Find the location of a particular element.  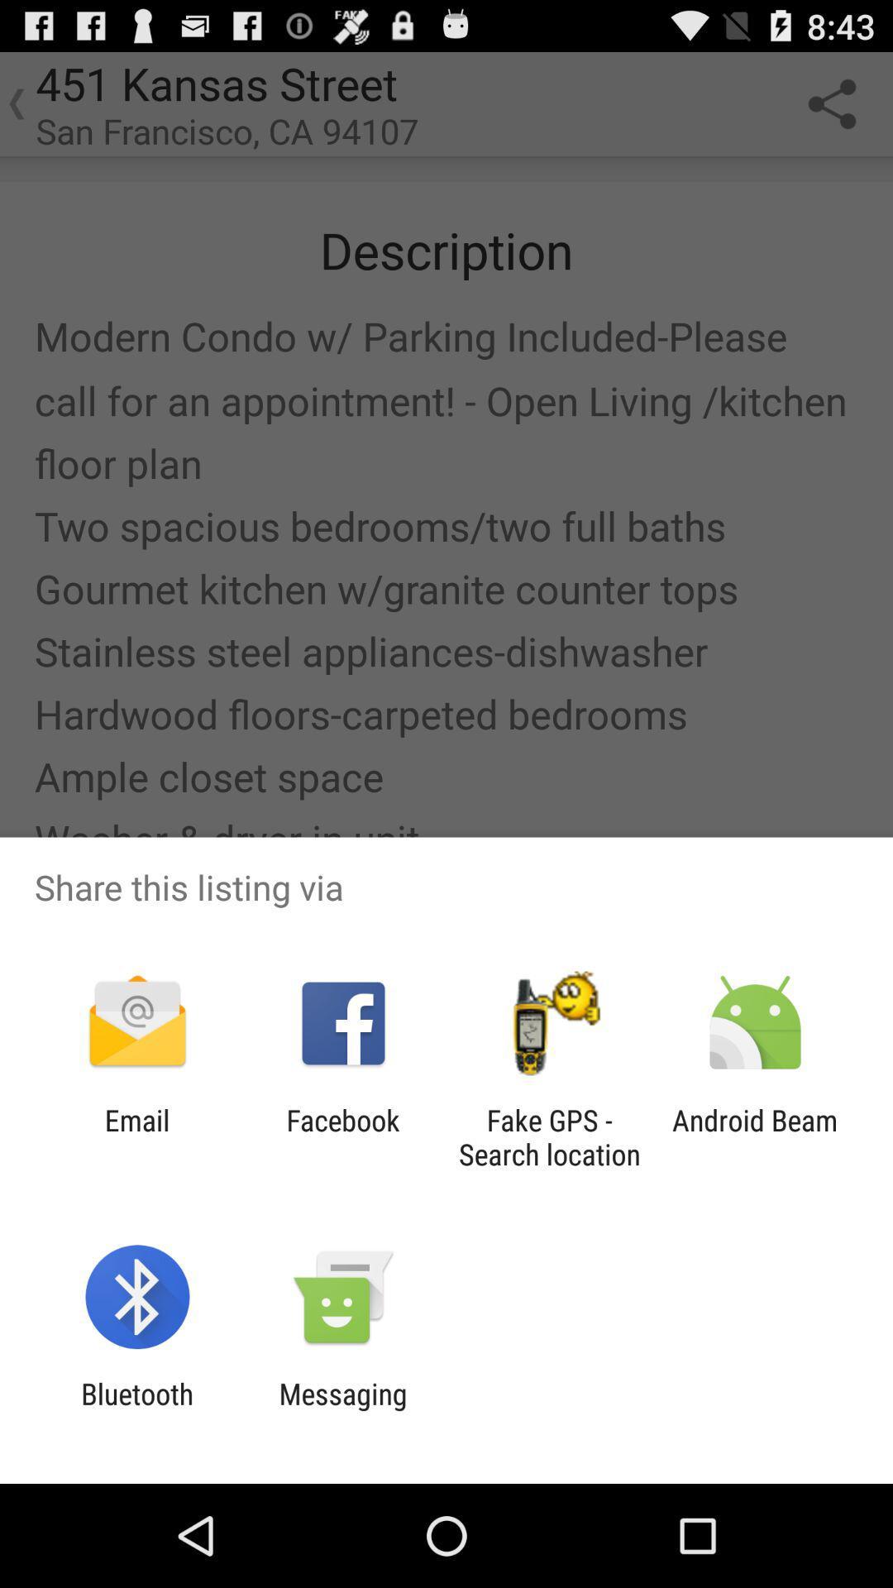

the item next to the messaging item is located at coordinates (136, 1410).